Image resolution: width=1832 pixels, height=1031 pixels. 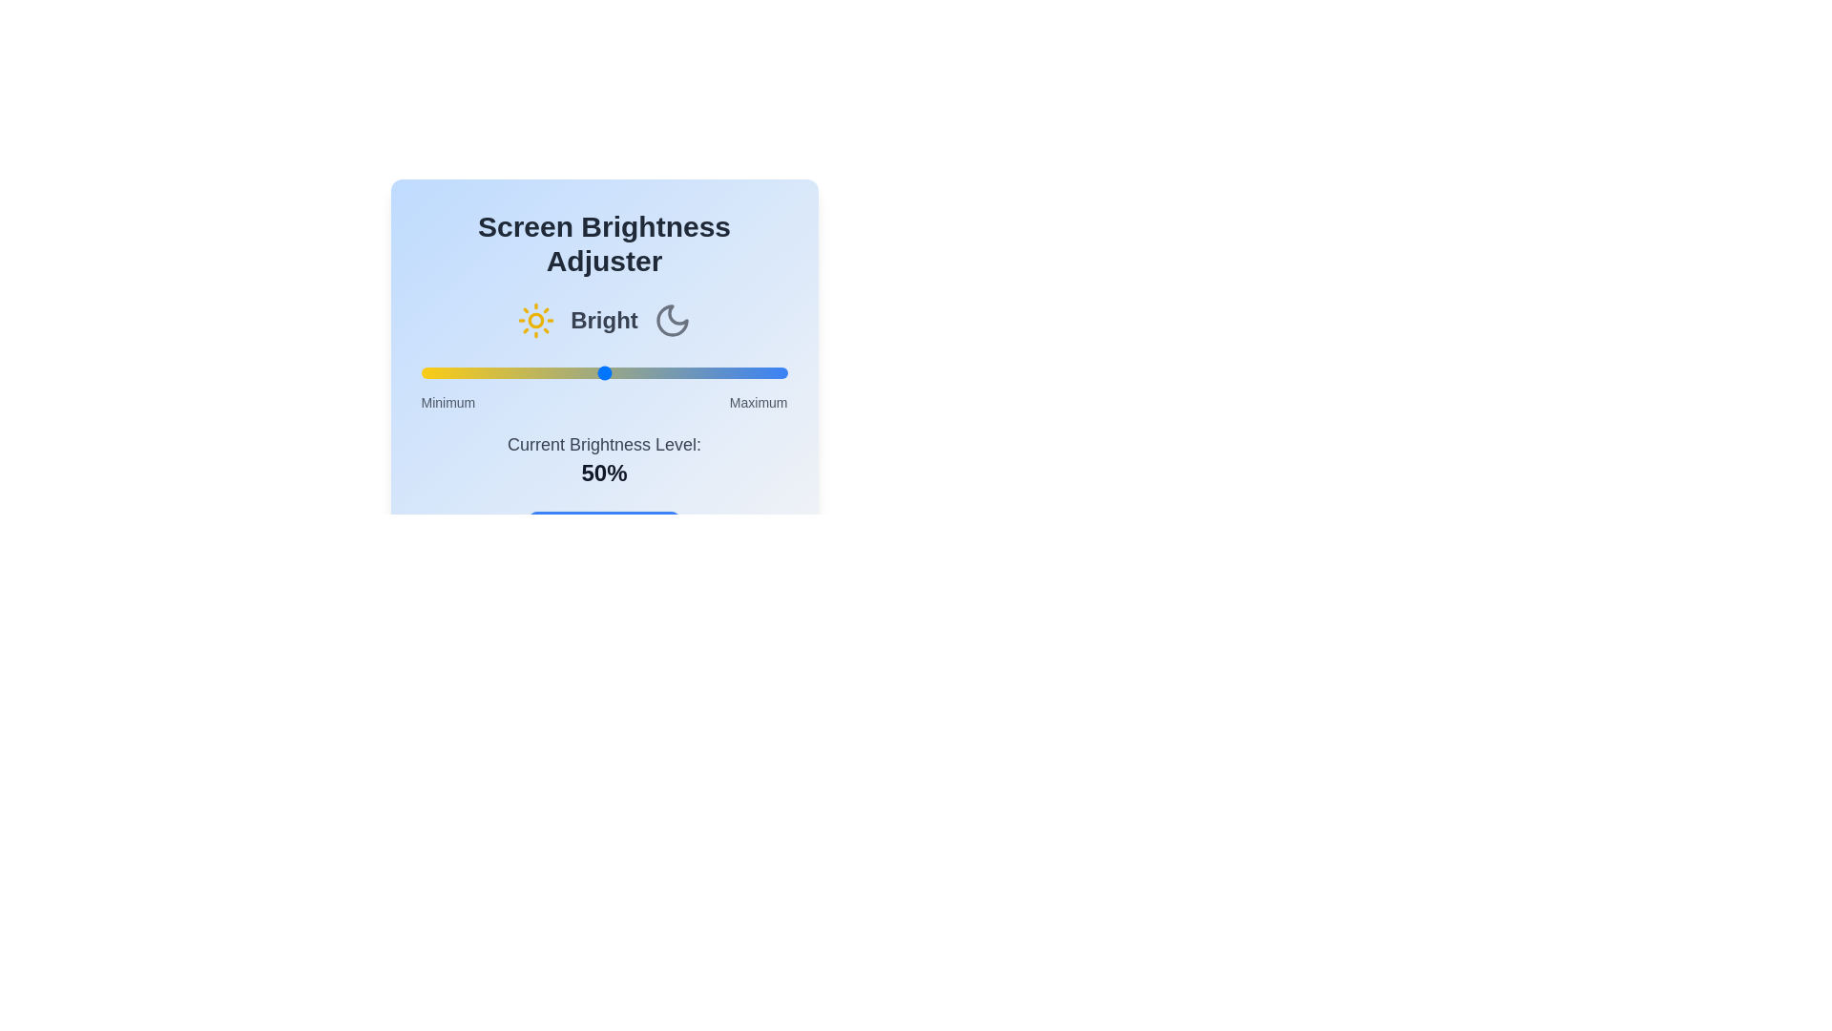 I want to click on the brightness slider to 13%, so click(x=468, y=372).